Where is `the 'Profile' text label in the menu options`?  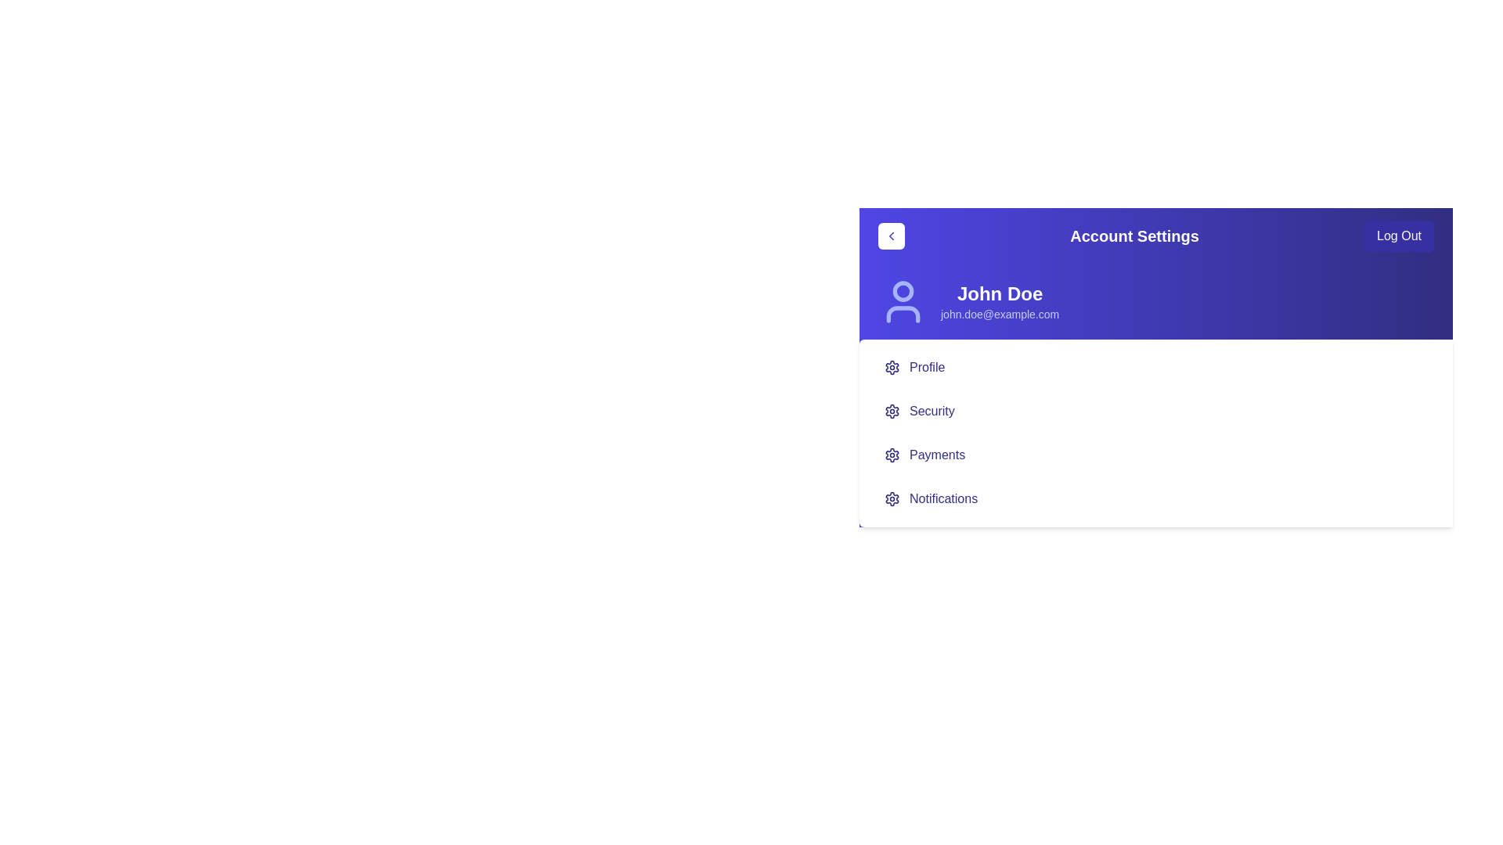
the 'Profile' text label in the menu options is located at coordinates (927, 368).